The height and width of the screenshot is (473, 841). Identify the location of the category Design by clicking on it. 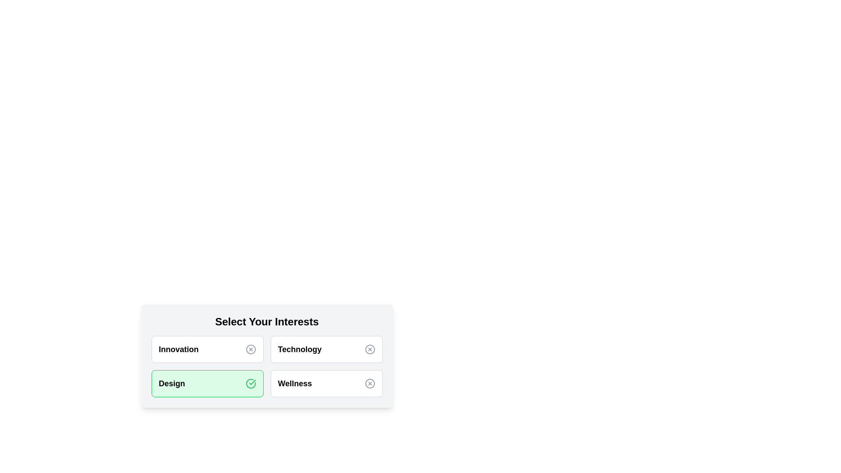
(207, 383).